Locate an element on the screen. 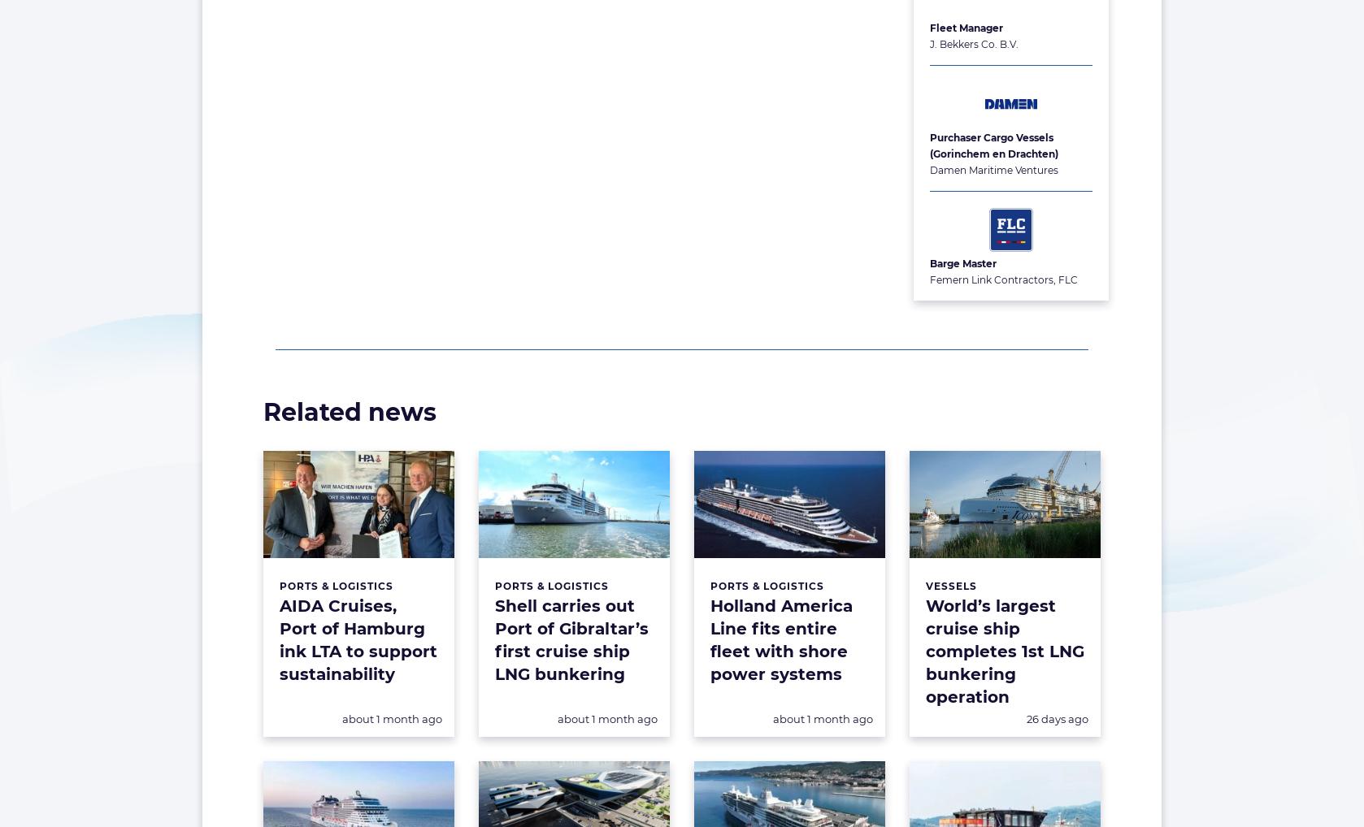 Image resolution: width=1364 pixels, height=827 pixels. 'AIDA Cruises, Port of Hamburg ink LTA to support sustainability' is located at coordinates (357, 640).